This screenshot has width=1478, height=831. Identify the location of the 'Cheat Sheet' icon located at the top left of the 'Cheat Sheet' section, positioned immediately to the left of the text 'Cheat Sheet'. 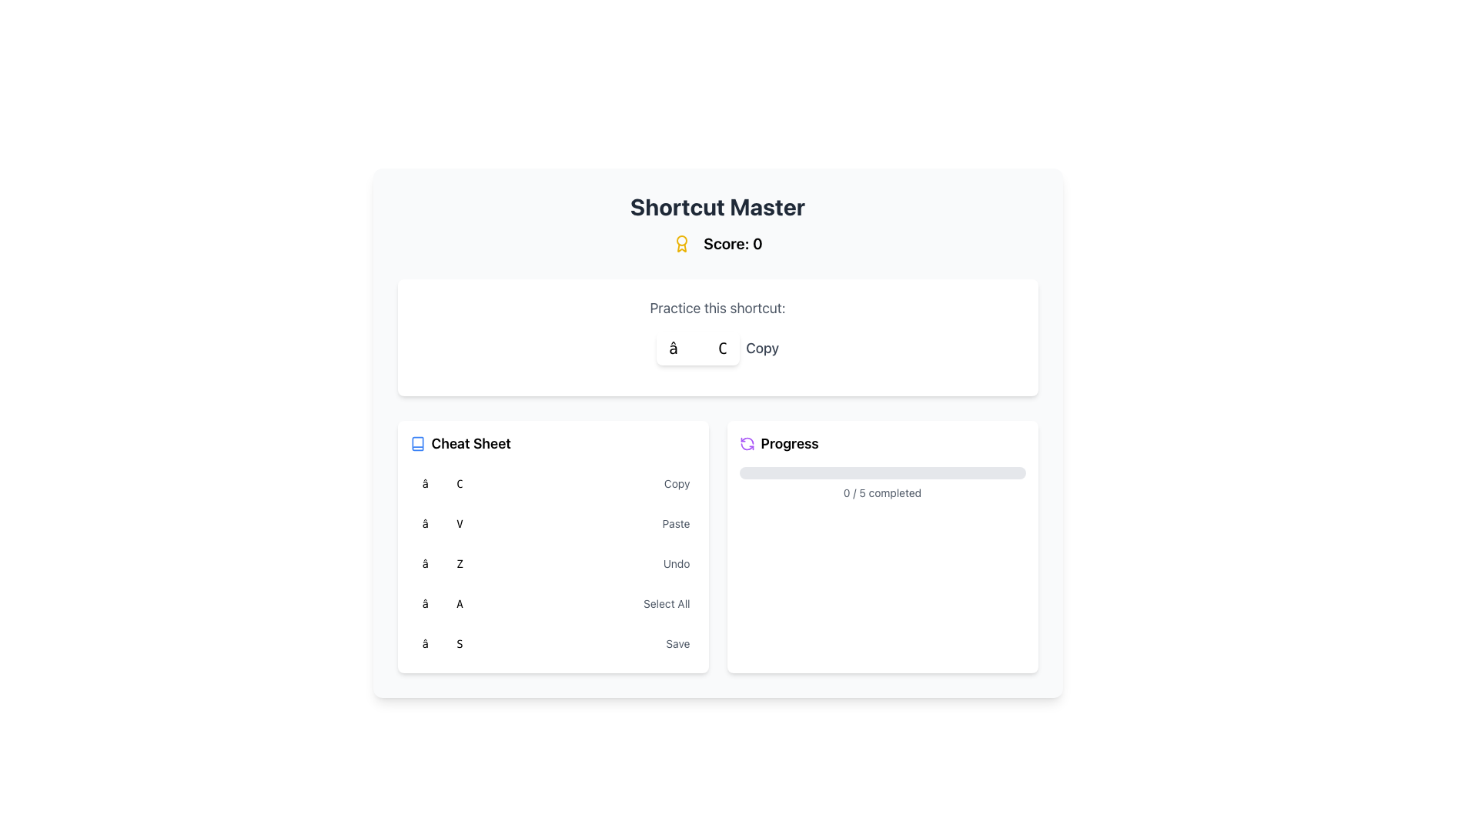
(417, 444).